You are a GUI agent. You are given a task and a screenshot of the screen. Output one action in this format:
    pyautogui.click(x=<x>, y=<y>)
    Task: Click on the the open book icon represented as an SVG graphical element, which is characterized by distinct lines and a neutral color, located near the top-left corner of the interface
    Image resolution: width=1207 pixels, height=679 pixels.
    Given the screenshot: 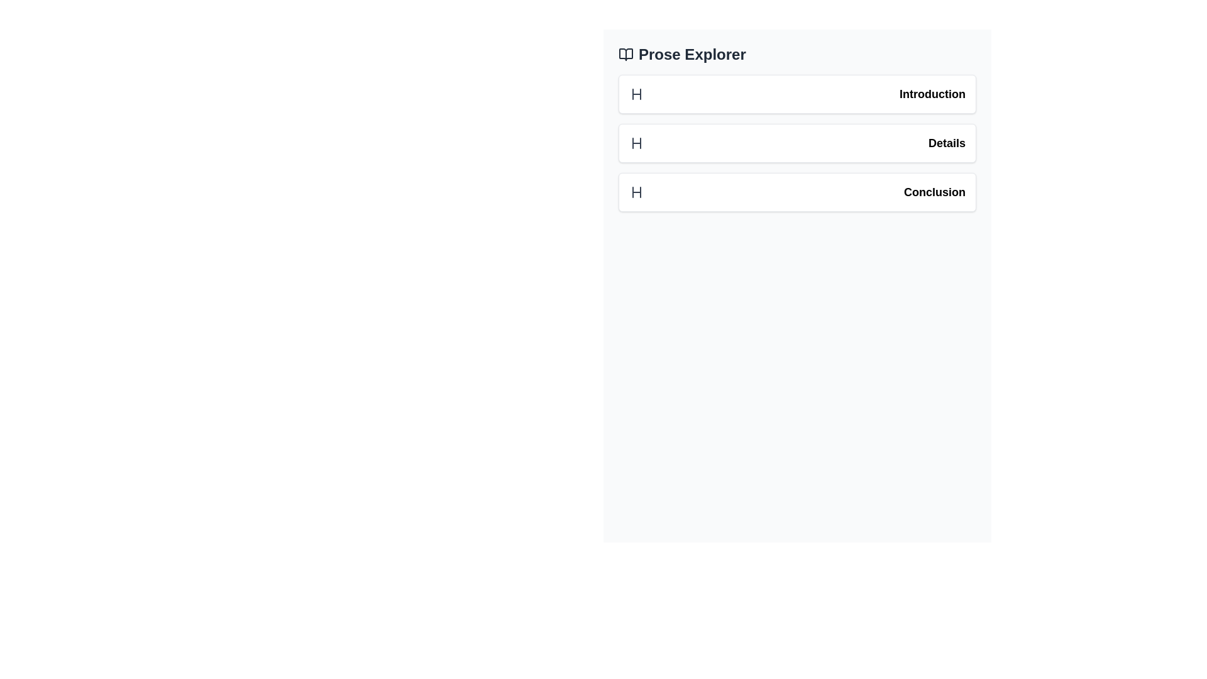 What is the action you would take?
    pyautogui.click(x=626, y=54)
    